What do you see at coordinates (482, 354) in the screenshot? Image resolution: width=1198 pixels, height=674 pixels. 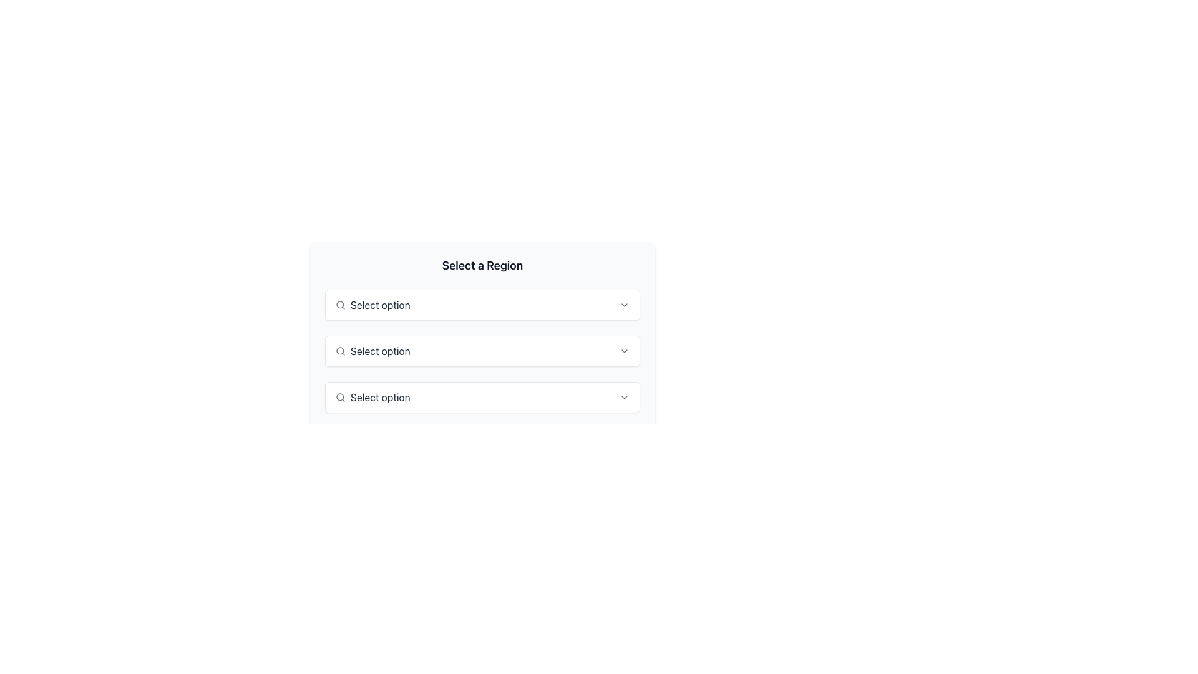 I see `the dropdown menu located under the 'Select a Region' title, specifically the middle row among the three dropdown rows` at bounding box center [482, 354].